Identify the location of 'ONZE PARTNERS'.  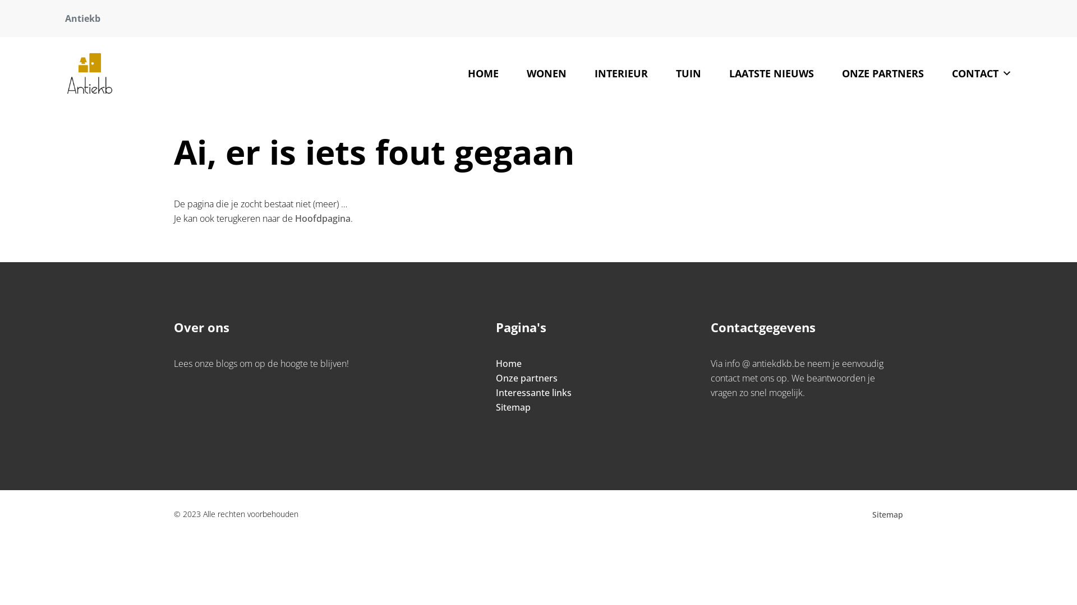
(828, 73).